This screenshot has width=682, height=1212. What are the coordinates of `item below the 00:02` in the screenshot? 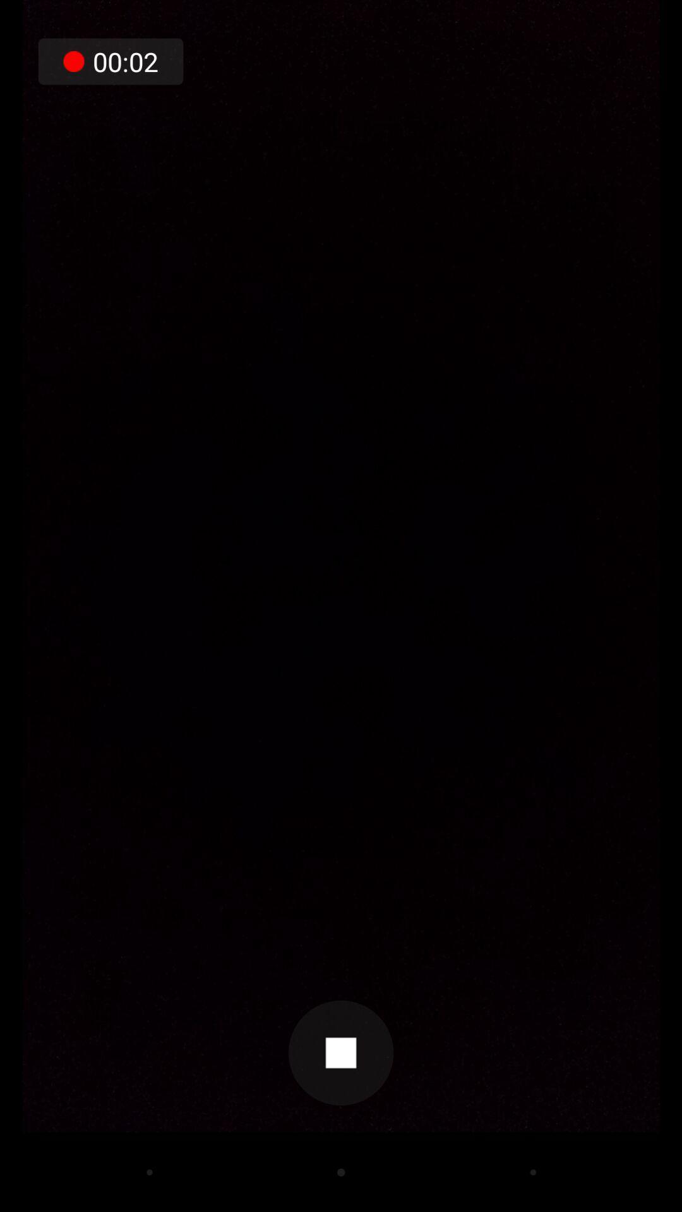 It's located at (341, 1053).